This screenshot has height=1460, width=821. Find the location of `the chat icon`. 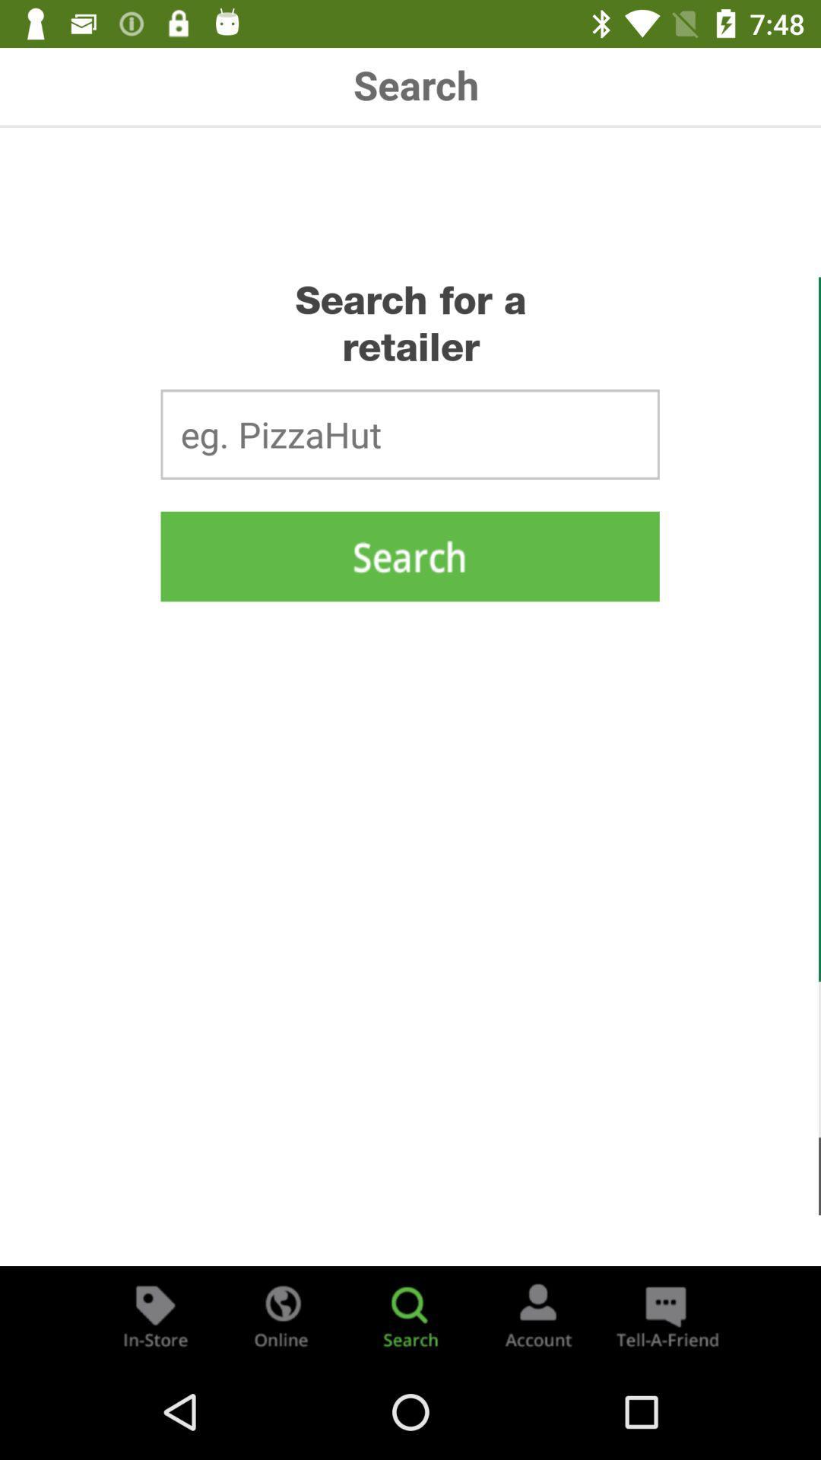

the chat icon is located at coordinates (664, 1314).